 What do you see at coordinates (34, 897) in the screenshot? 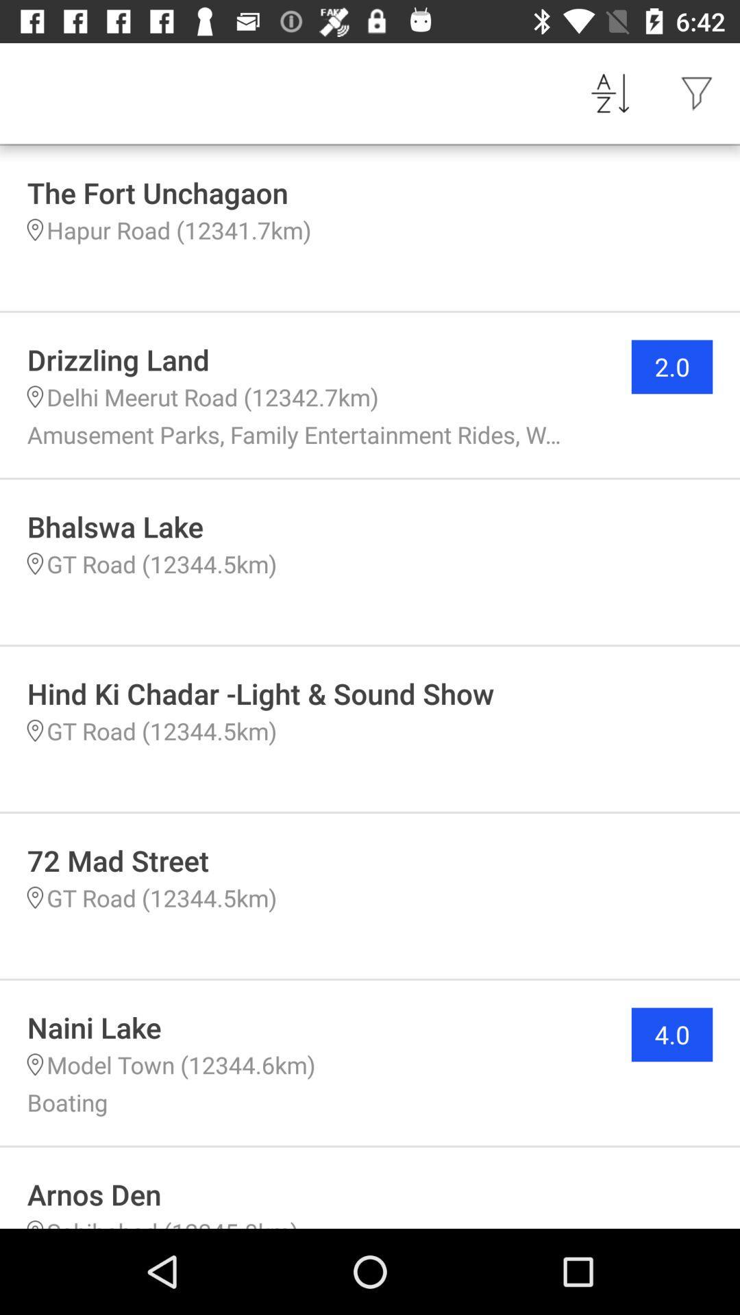
I see `the navigation icon below 72 mad street` at bounding box center [34, 897].